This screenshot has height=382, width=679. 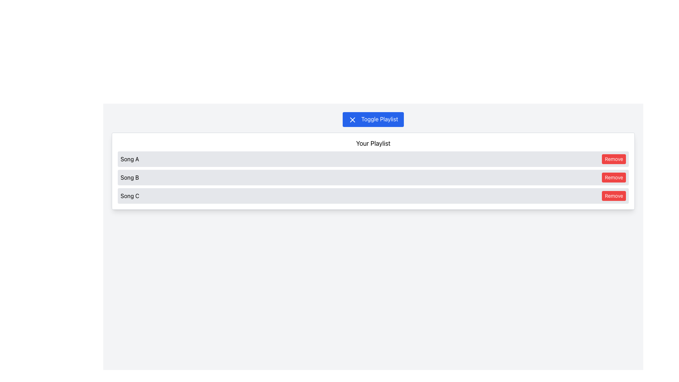 What do you see at coordinates (130, 158) in the screenshot?
I see `the song title text label located in the first row of the playlist, to the left of the 'Remove' button` at bounding box center [130, 158].